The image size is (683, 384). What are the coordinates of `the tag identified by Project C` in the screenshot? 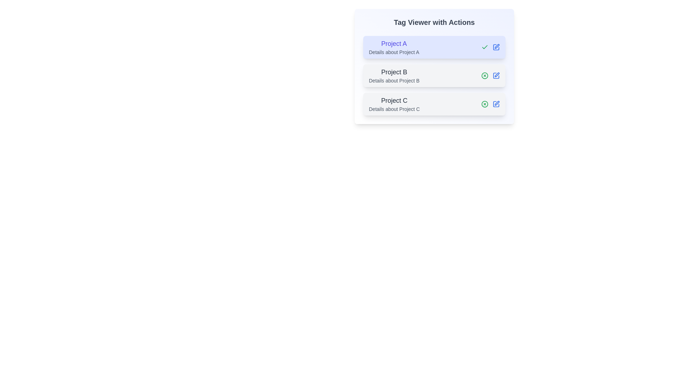 It's located at (485, 104).